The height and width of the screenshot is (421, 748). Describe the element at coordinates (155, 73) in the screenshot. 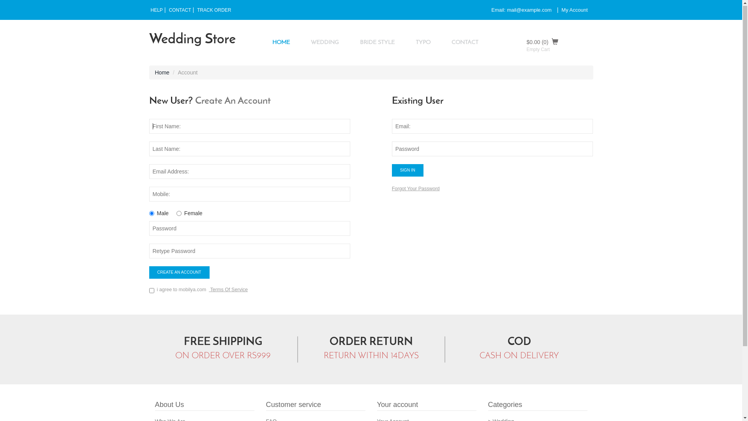

I see `'Home'` at that location.